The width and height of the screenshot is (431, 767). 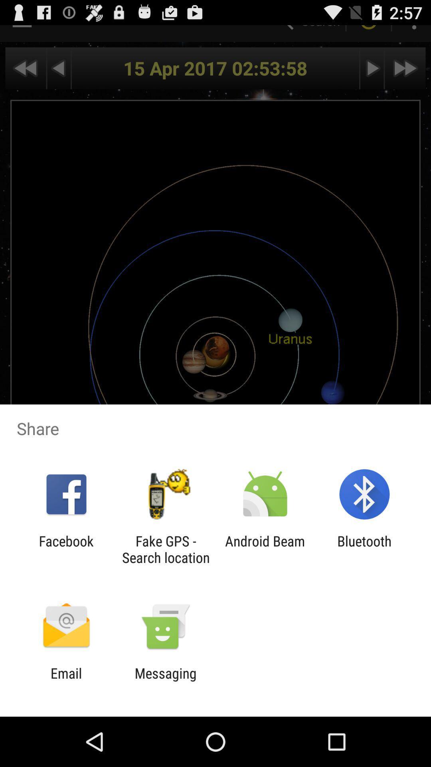 I want to click on app to the left of the messaging app, so click(x=66, y=681).